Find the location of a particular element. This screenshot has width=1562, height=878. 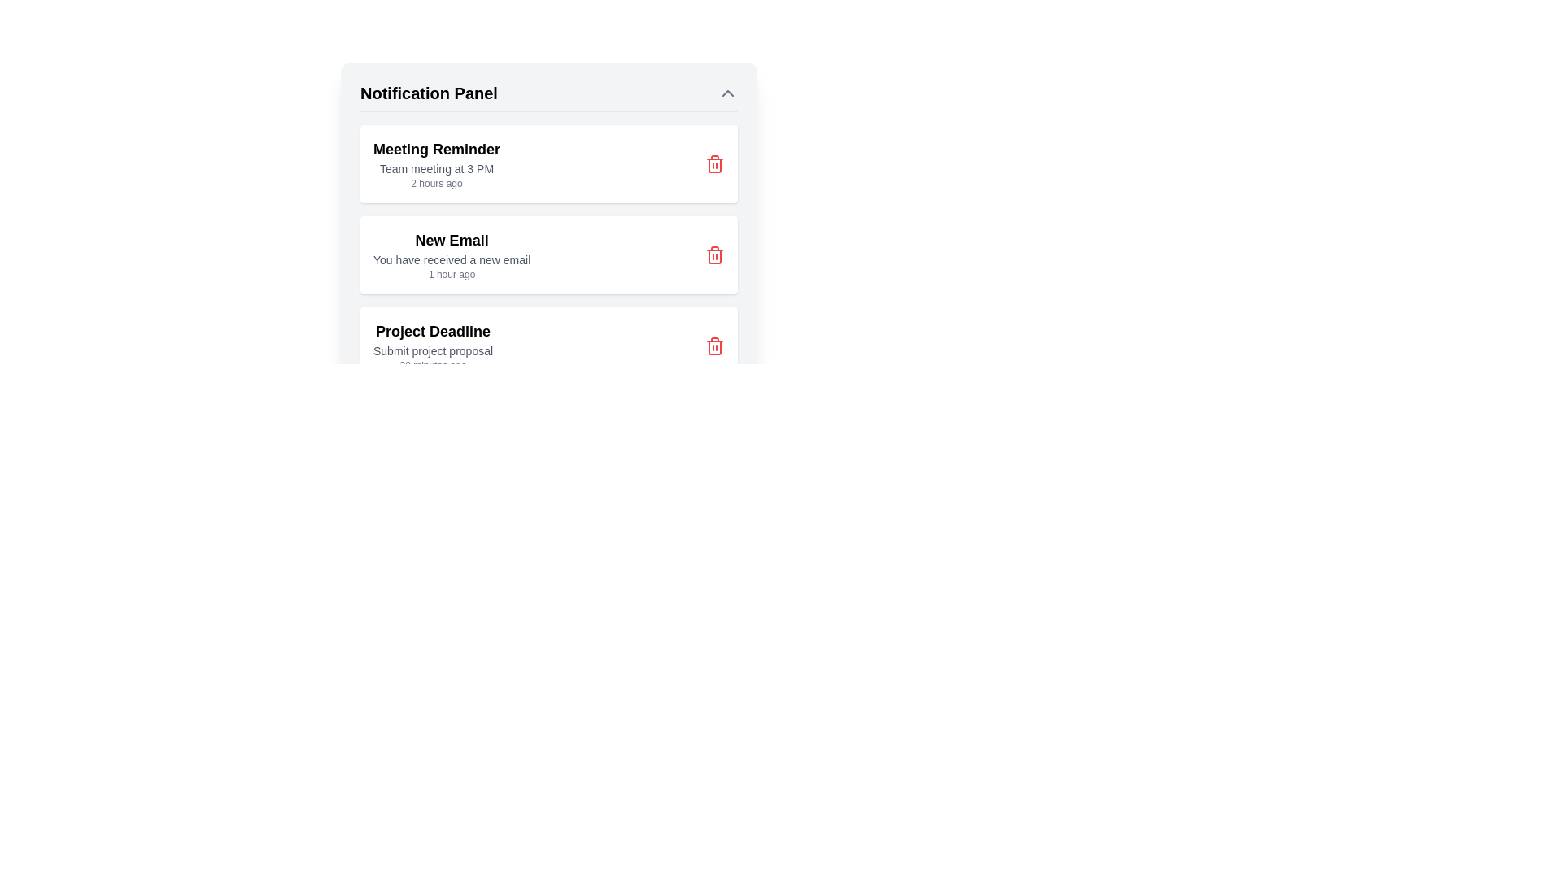

the static text display that shows notification details about a new email, positioned below 'Meeting Reminder' and above 'Project Deadline' is located at coordinates (452, 254).